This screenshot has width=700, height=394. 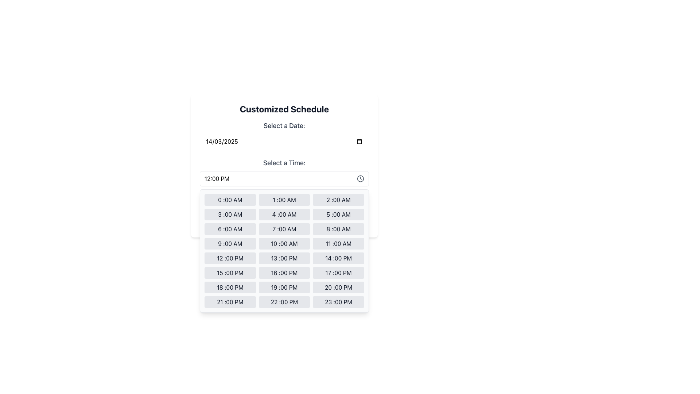 What do you see at coordinates (284, 125) in the screenshot?
I see `the text label element that displays 'Select a Date:', which is positioned at the top-left of the date and time selection form` at bounding box center [284, 125].